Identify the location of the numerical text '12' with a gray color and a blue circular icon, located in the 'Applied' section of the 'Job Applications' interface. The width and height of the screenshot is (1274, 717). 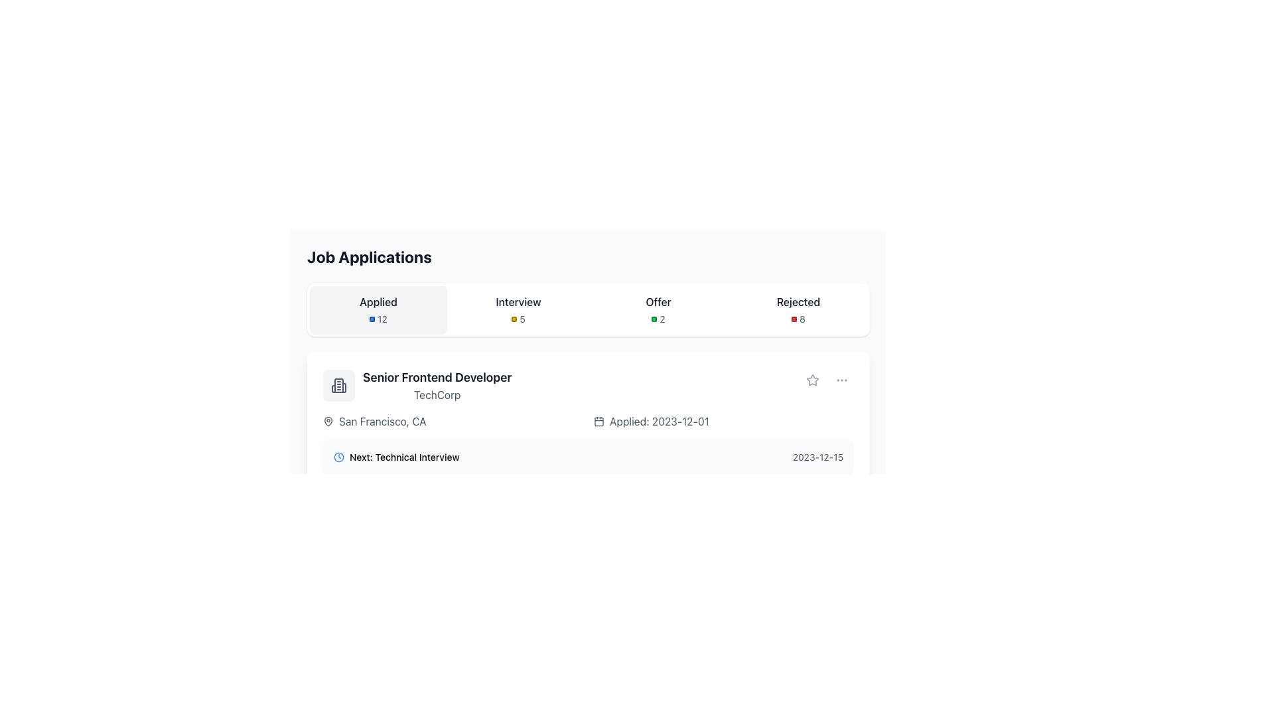
(378, 319).